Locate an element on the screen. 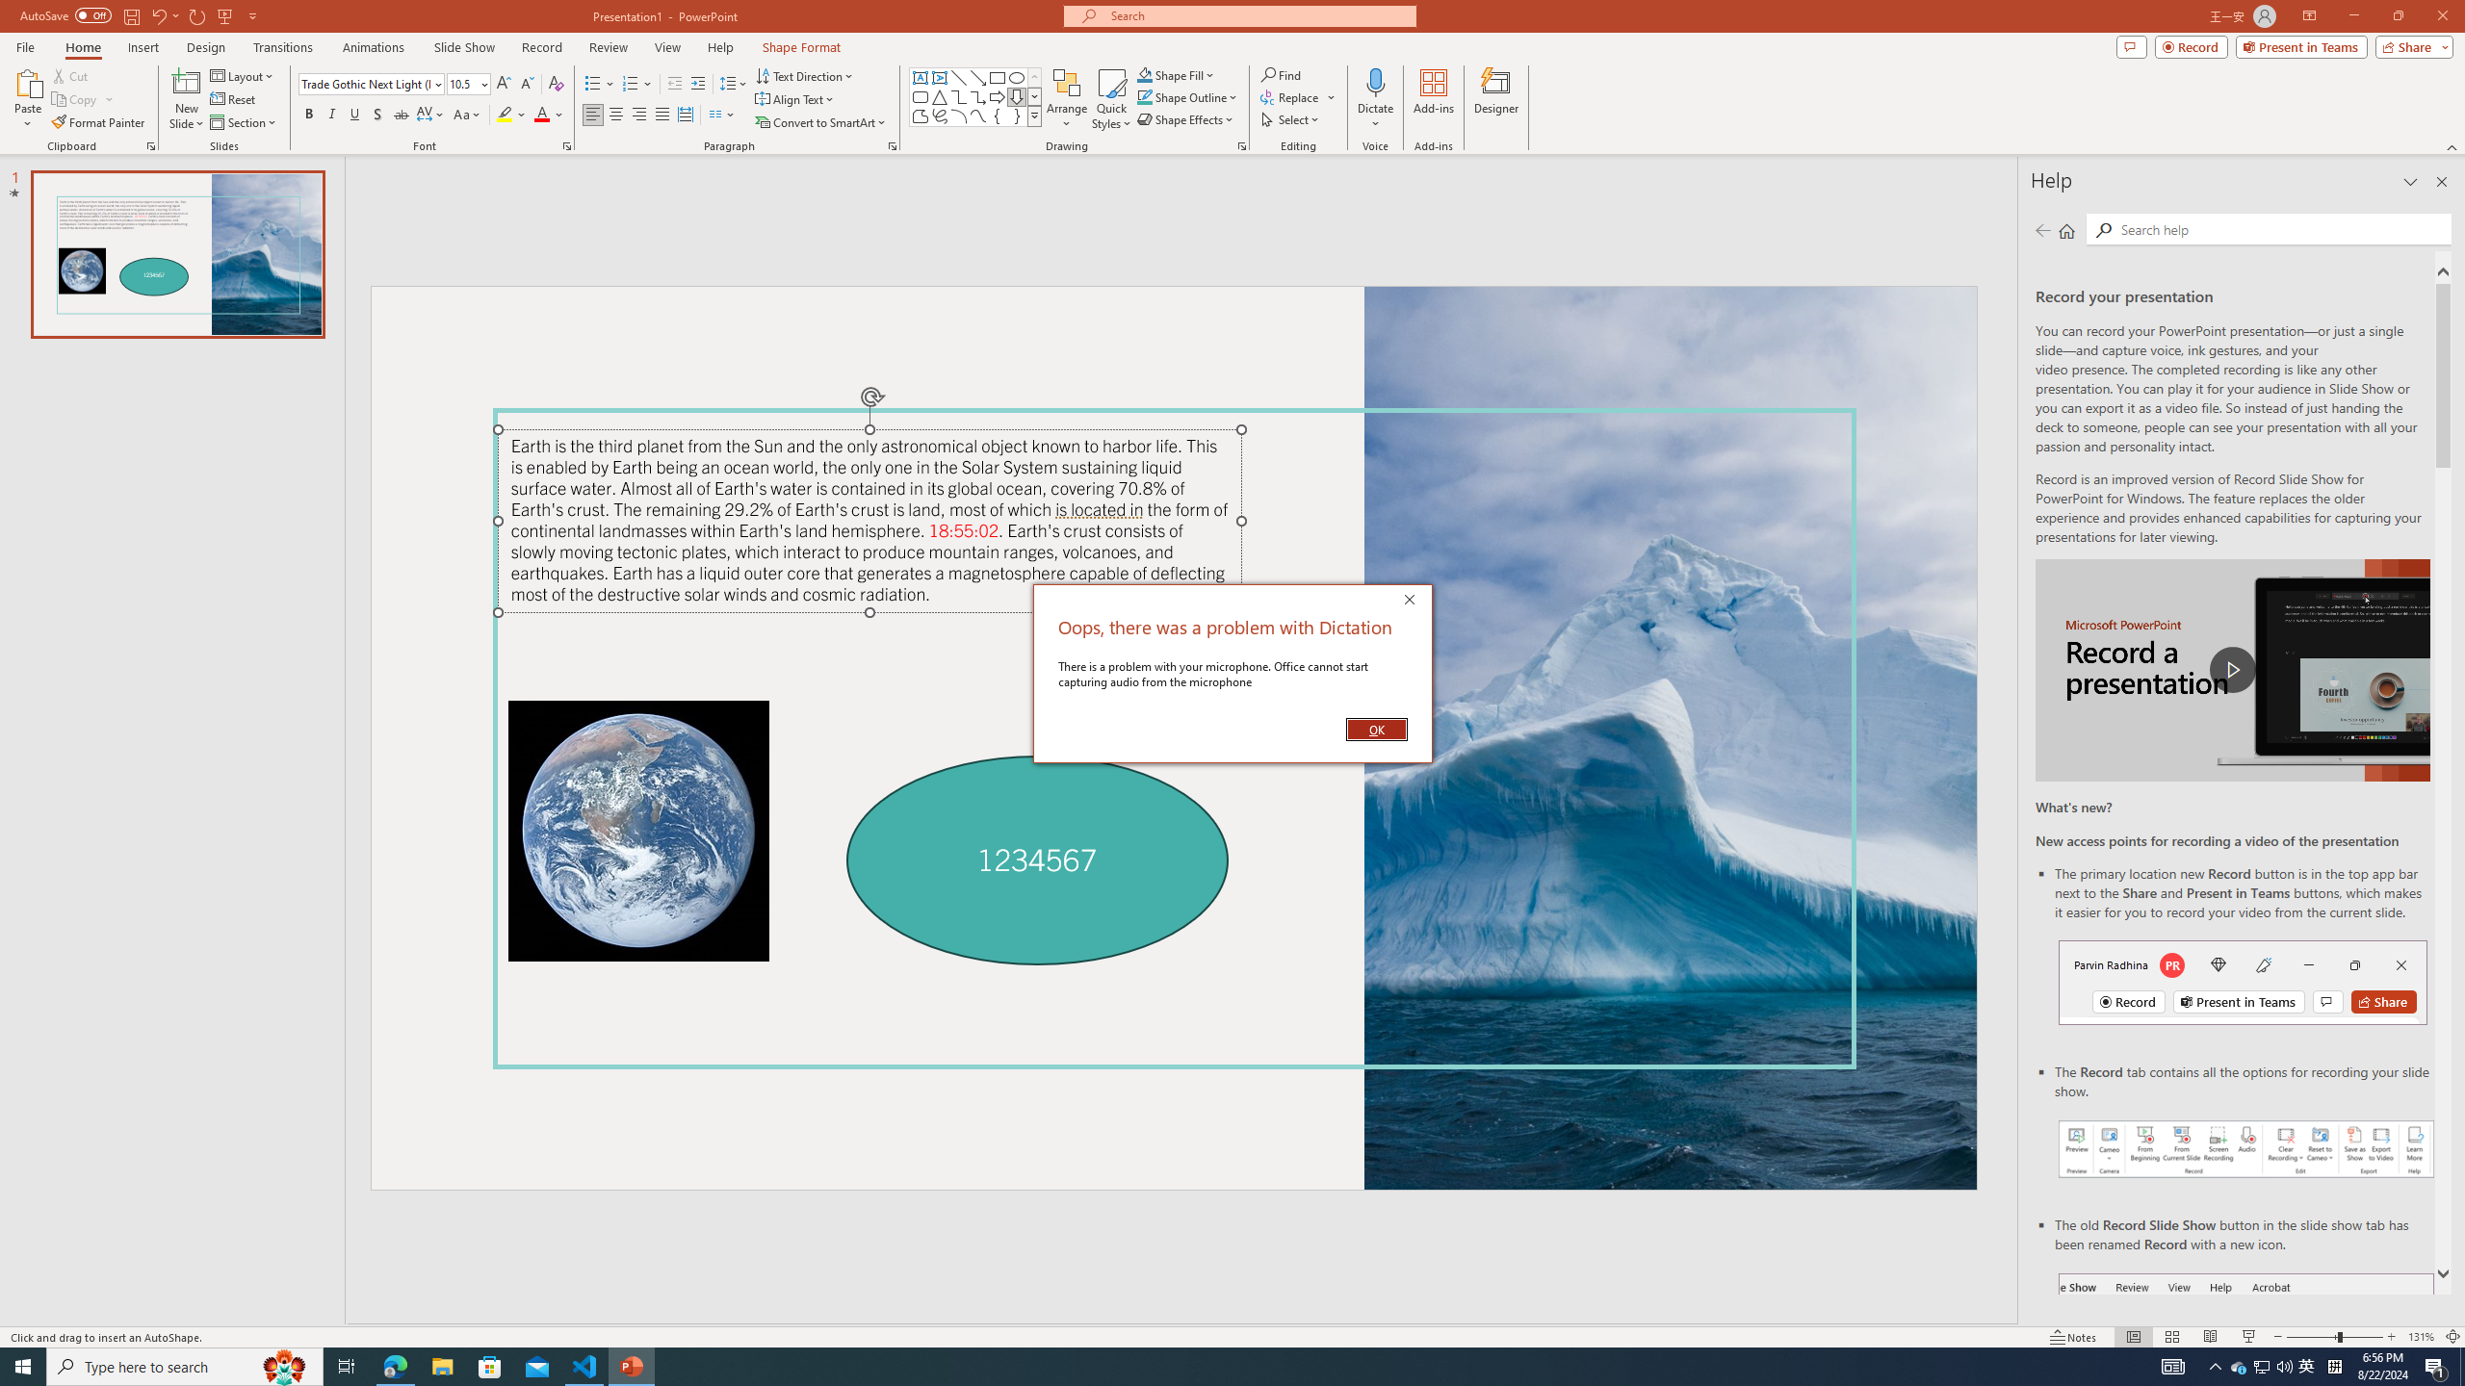 Image resolution: width=2465 pixels, height=1386 pixels. 'Paste' is located at coordinates (27, 99).